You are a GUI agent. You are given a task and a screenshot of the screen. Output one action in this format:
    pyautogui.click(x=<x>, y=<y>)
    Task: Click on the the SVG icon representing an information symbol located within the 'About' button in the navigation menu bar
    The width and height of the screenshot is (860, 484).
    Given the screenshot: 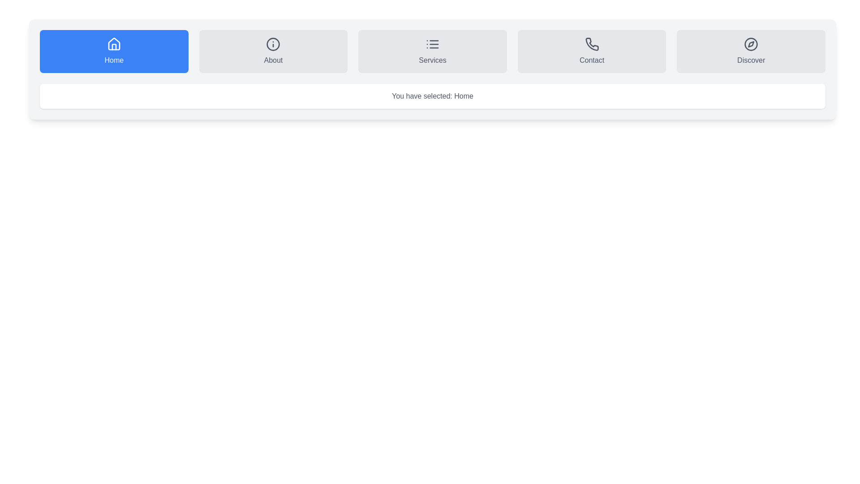 What is the action you would take?
    pyautogui.click(x=273, y=44)
    